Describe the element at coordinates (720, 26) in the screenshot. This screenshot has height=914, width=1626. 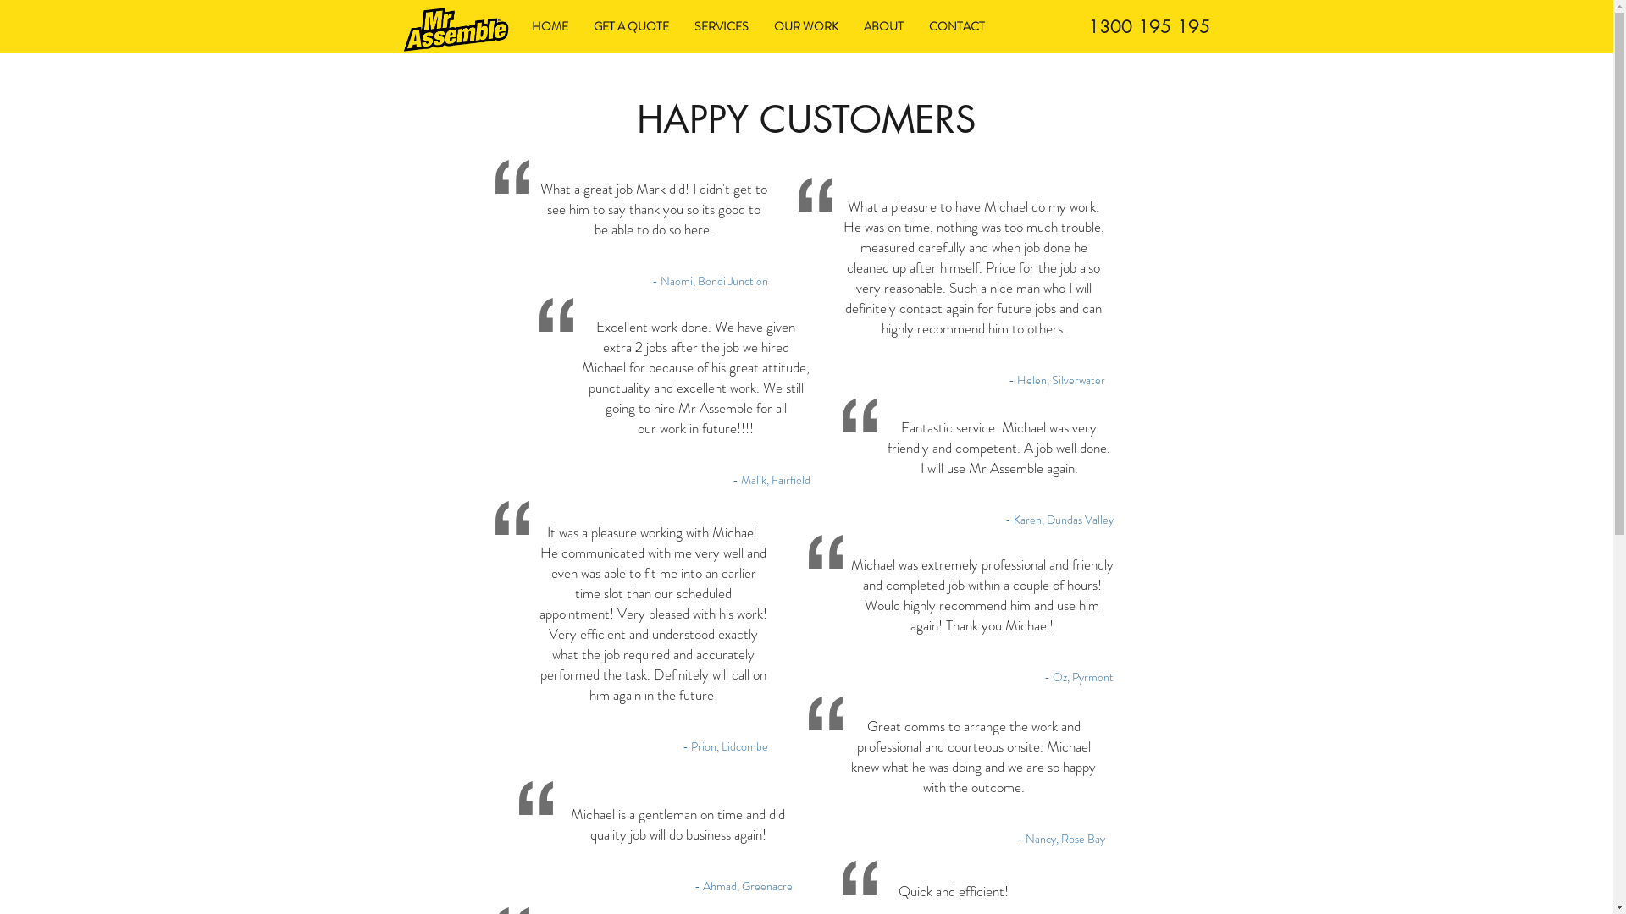
I see `'SERVICES'` at that location.